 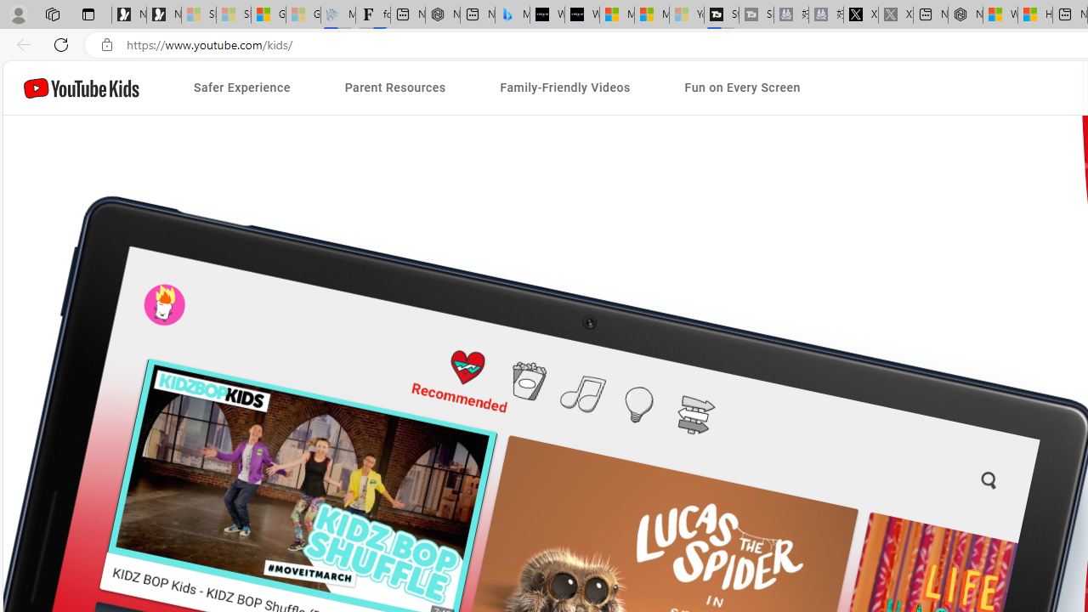 What do you see at coordinates (966, 14) in the screenshot?
I see `'Nordace - My Account'` at bounding box center [966, 14].